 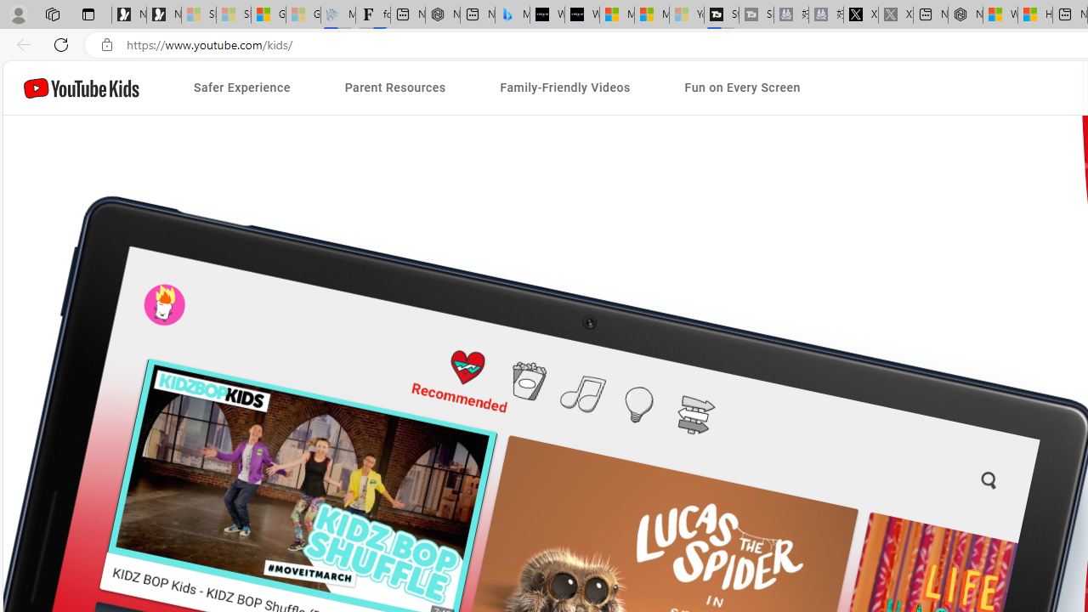 What do you see at coordinates (966, 14) in the screenshot?
I see `'Nordace - My Account'` at bounding box center [966, 14].